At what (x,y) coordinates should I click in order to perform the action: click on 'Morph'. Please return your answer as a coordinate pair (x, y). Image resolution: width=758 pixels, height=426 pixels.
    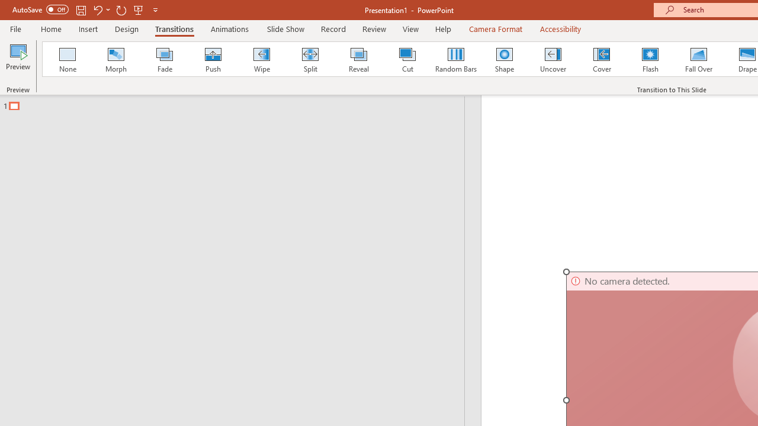
    Looking at the image, I should click on (115, 59).